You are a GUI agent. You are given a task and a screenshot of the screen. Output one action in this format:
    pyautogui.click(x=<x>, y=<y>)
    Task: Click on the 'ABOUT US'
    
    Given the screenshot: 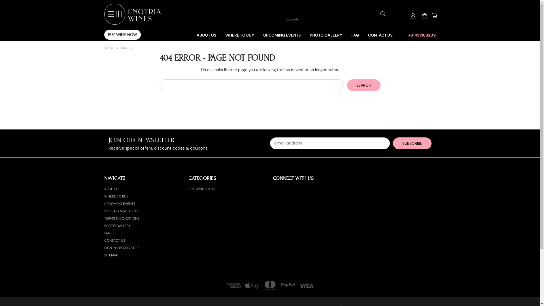 What is the action you would take?
    pyautogui.click(x=112, y=190)
    